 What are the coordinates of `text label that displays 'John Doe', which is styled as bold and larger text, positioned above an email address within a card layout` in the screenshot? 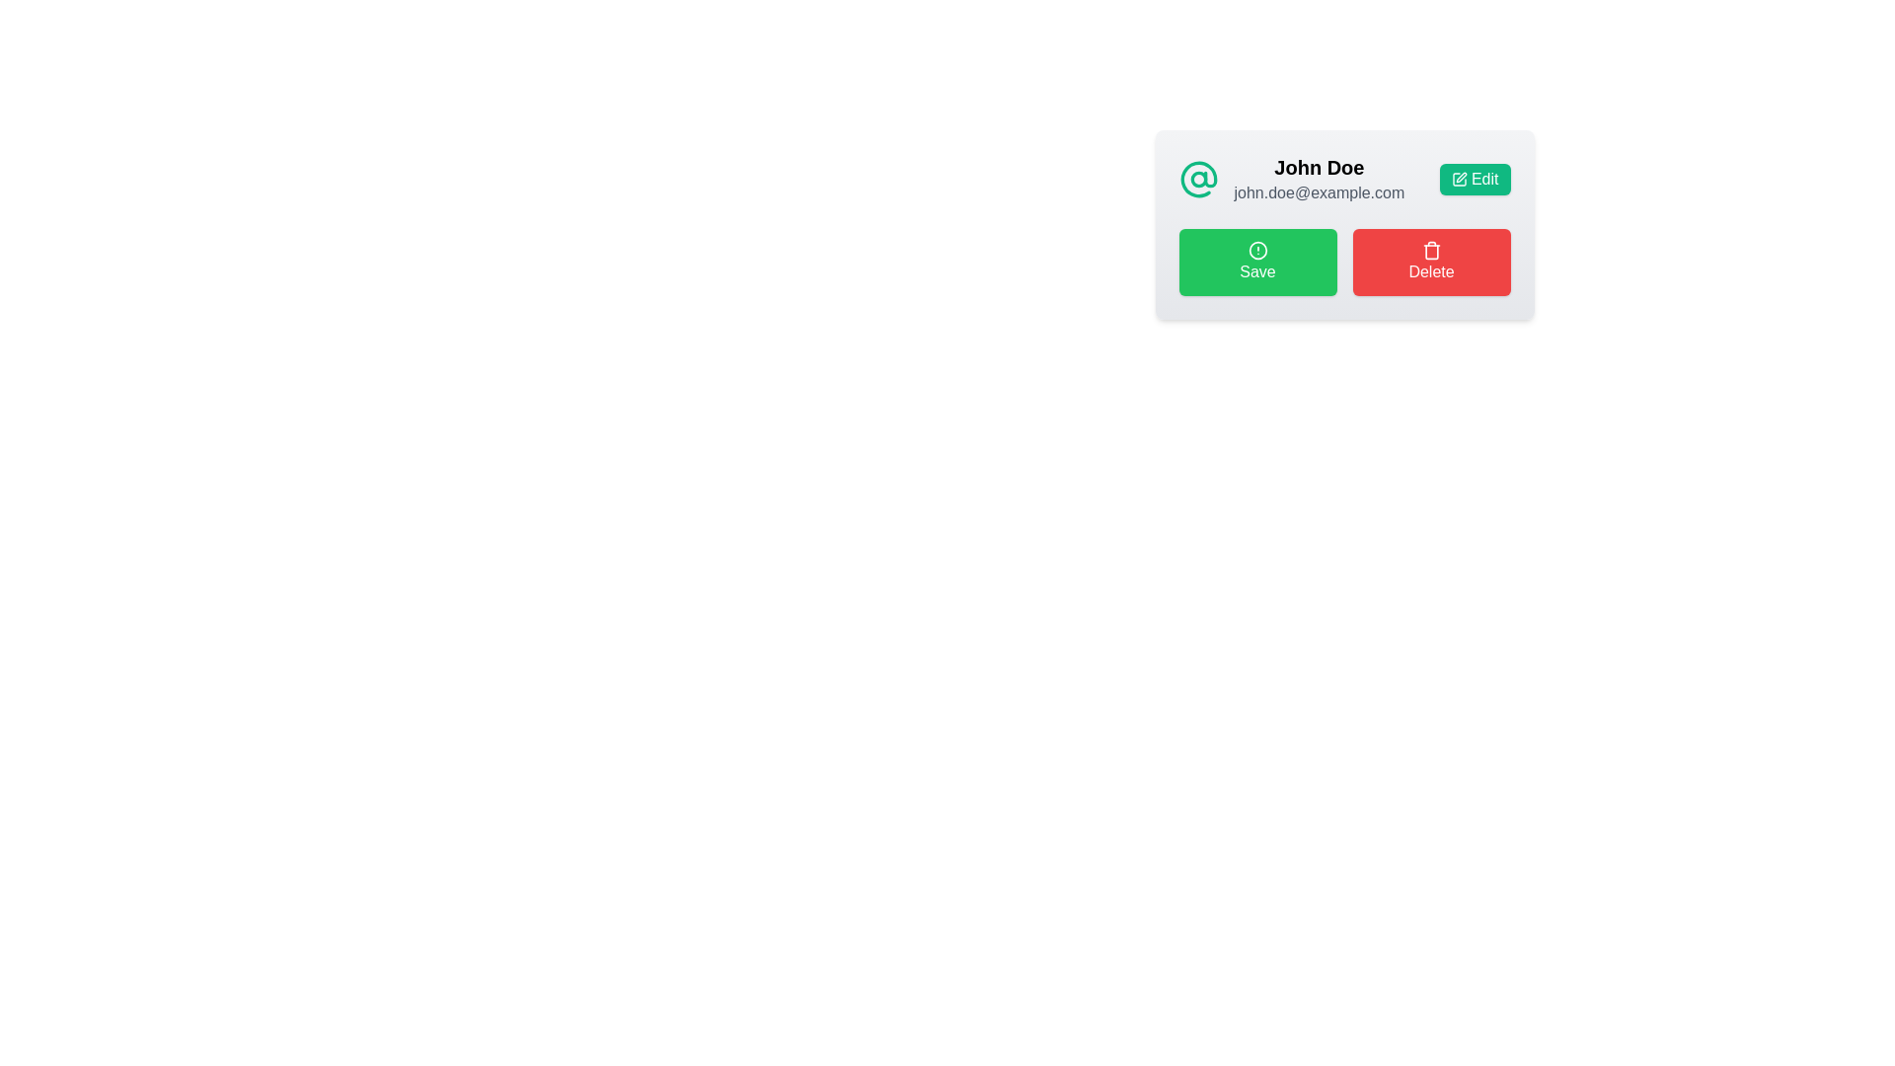 It's located at (1319, 166).